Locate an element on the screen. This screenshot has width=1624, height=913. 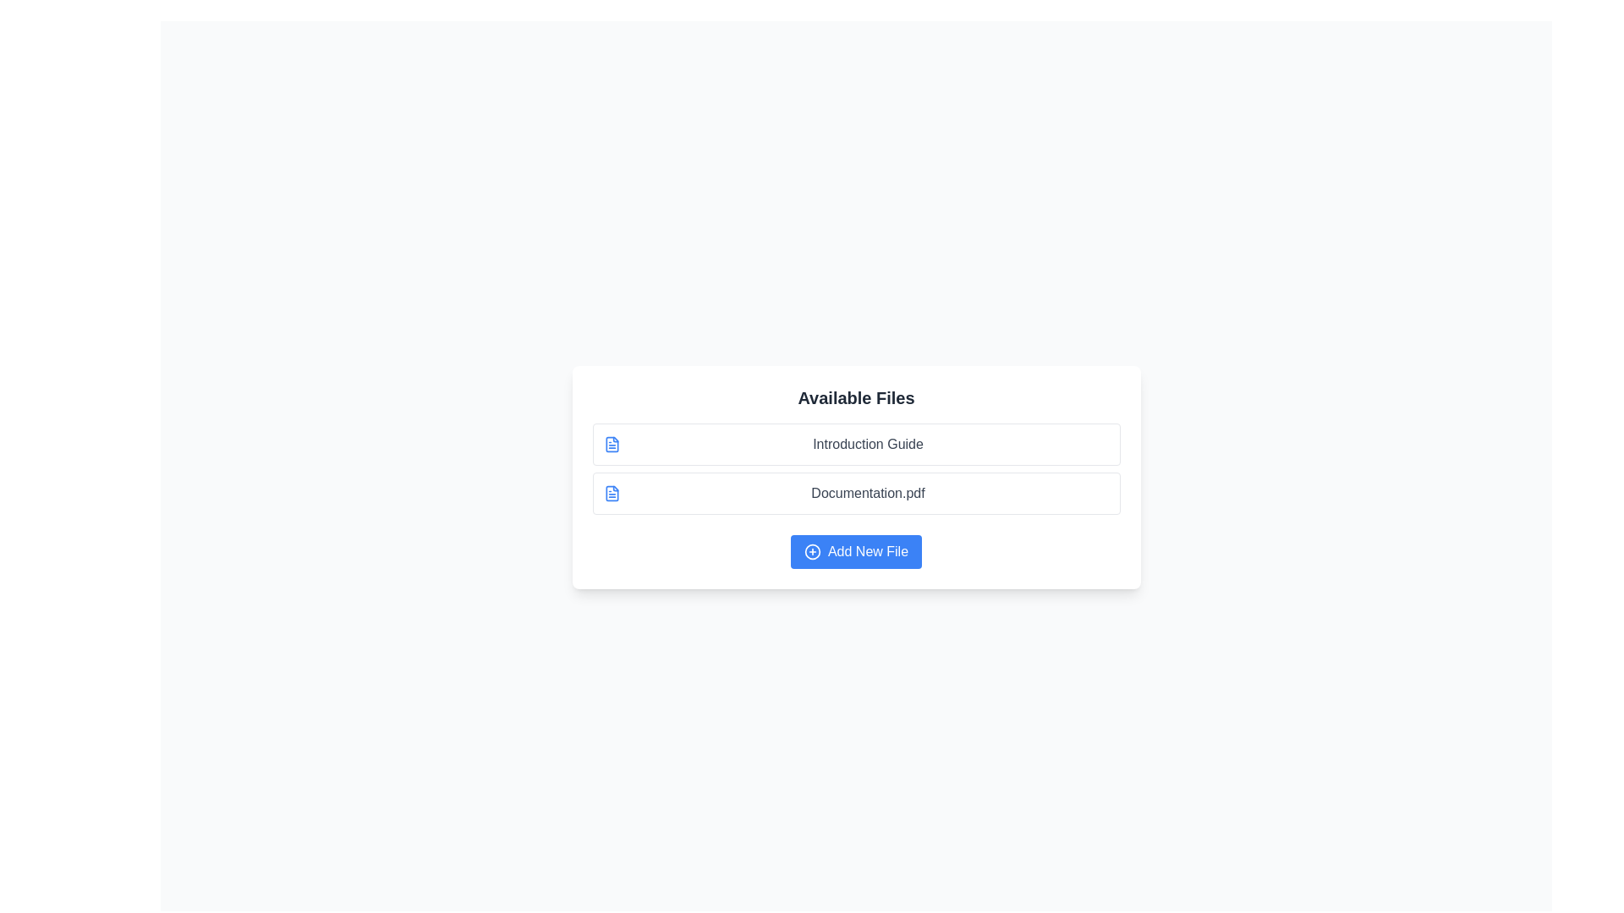
the 'Documentation.pdf' label in the list of available files is located at coordinates (868, 493).